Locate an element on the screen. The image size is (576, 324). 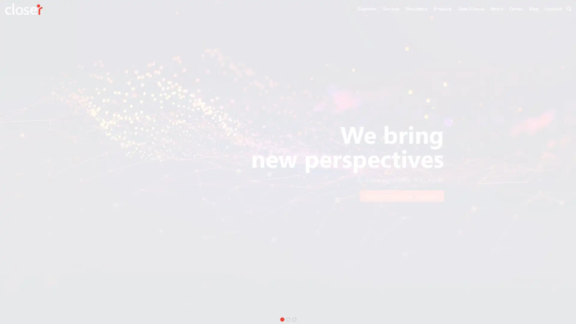
Discover our successful path is located at coordinates (285, 196).